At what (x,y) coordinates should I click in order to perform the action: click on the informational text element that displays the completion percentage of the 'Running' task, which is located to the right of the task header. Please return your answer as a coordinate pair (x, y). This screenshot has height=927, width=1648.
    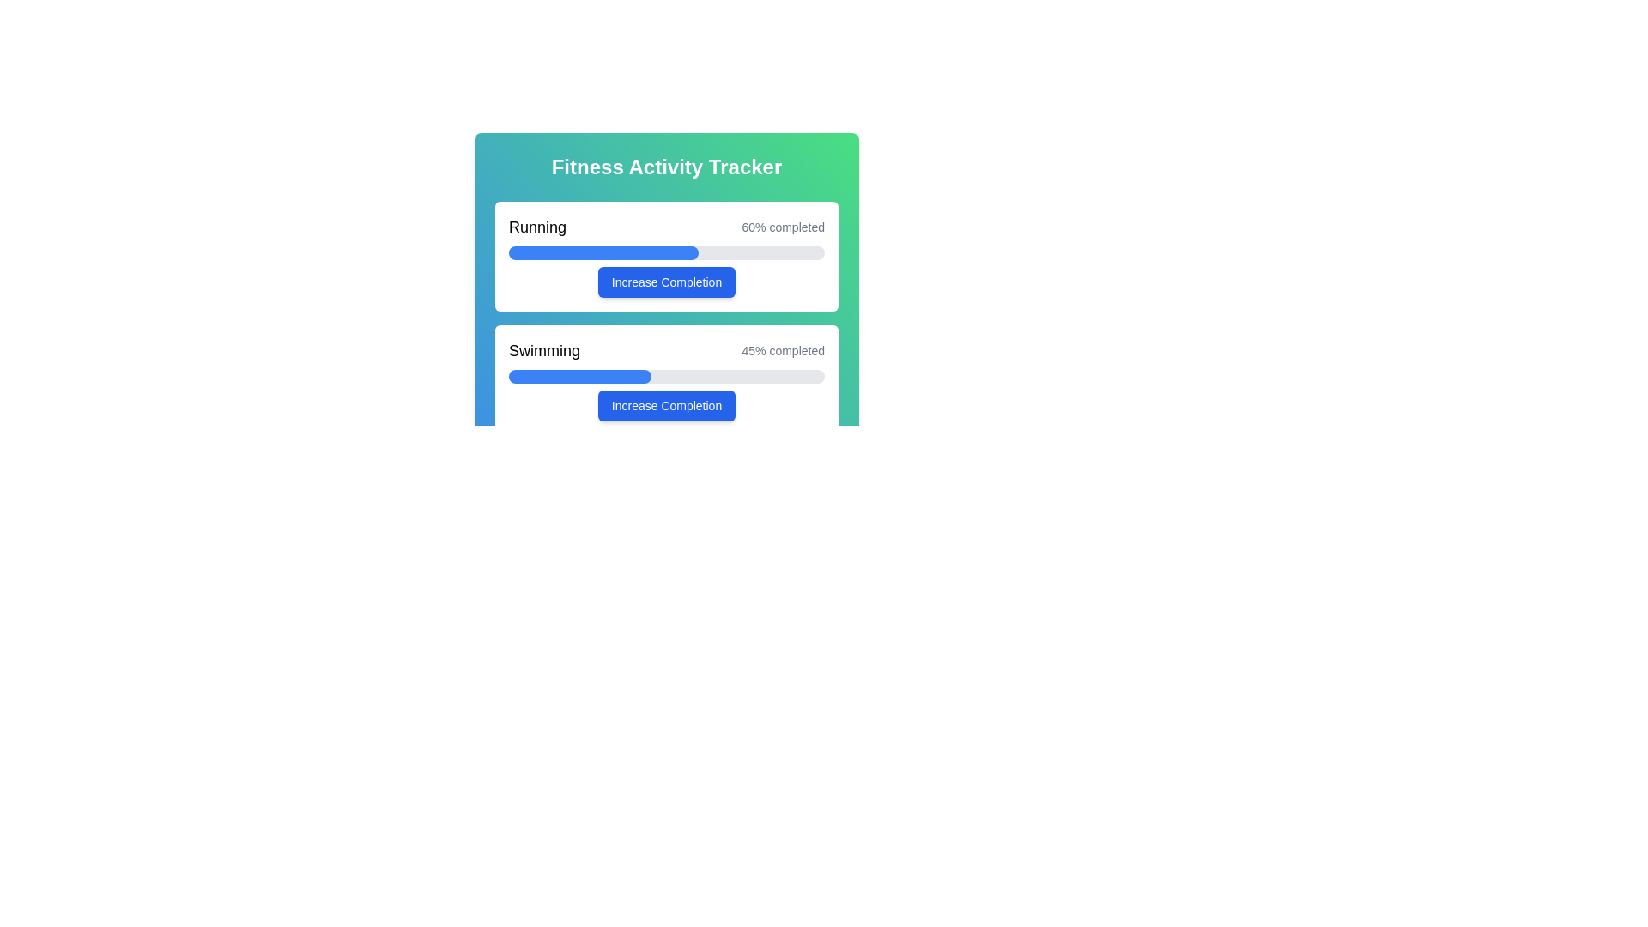
    Looking at the image, I should click on (782, 227).